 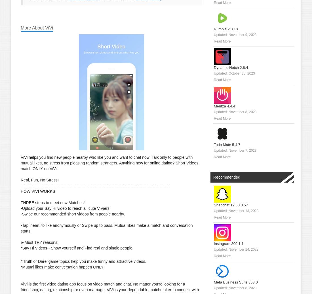 I want to click on 'Todo Mate 5.4.7', so click(x=227, y=144).